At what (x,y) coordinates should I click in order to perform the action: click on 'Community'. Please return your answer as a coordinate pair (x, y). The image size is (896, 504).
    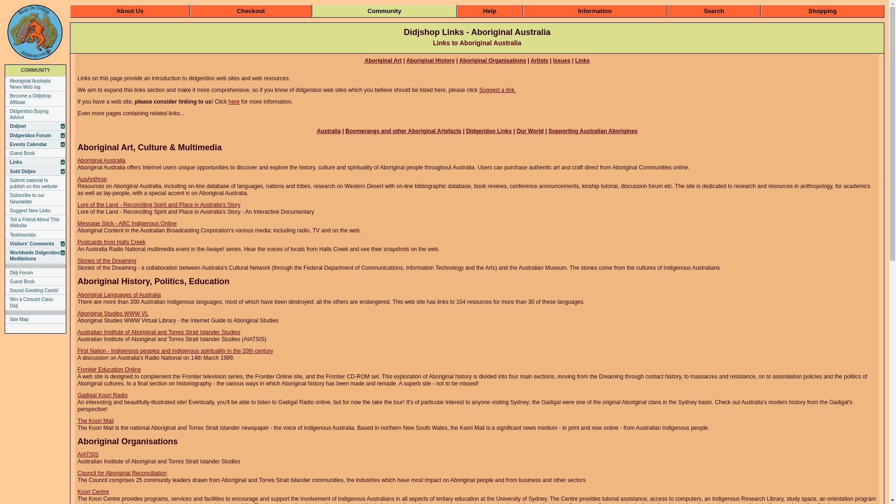
    Looking at the image, I should click on (385, 11).